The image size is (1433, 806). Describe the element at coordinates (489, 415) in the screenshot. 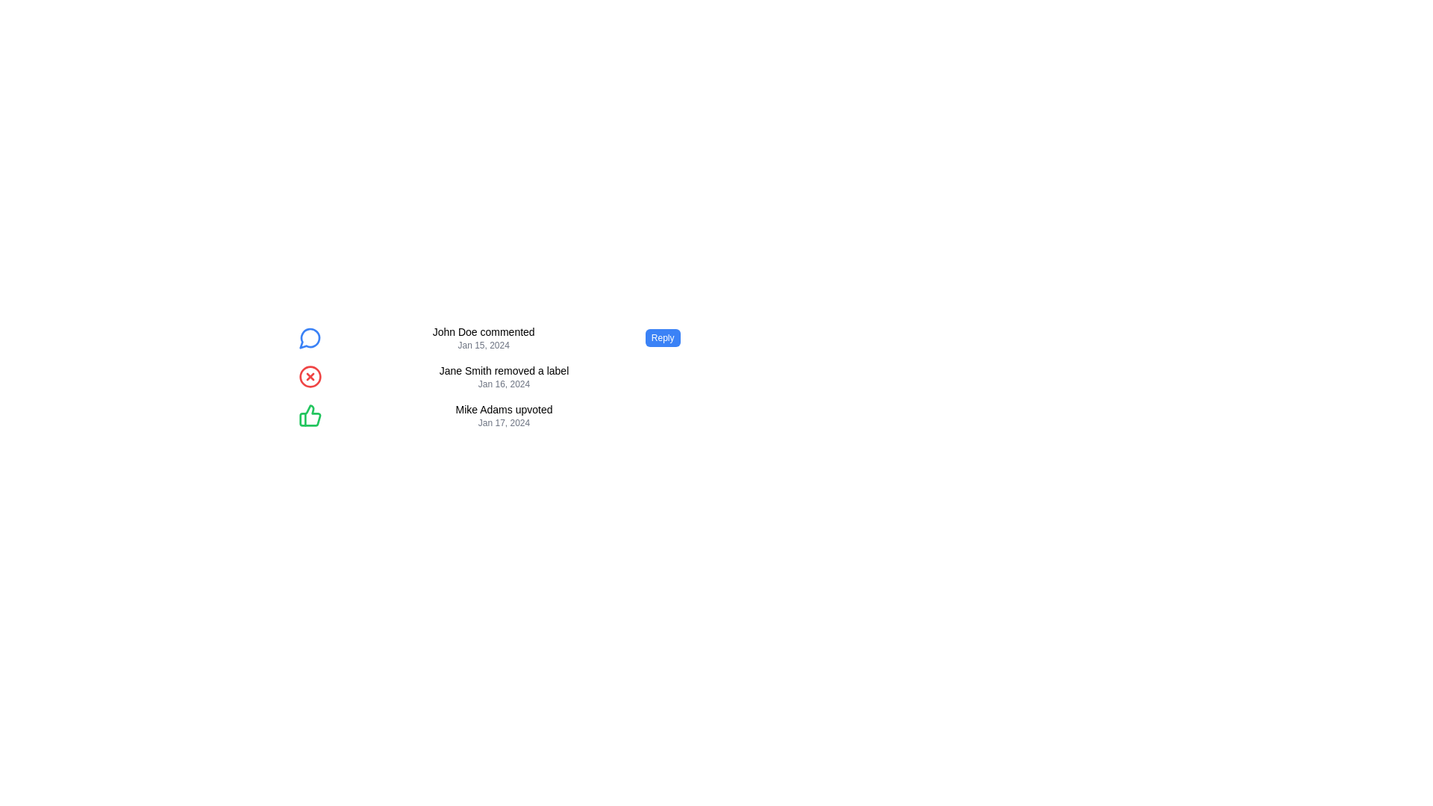

I see `the third Activity log entry which shows 'Mike Adams upvoted' with a green thumbs-up icon` at that location.